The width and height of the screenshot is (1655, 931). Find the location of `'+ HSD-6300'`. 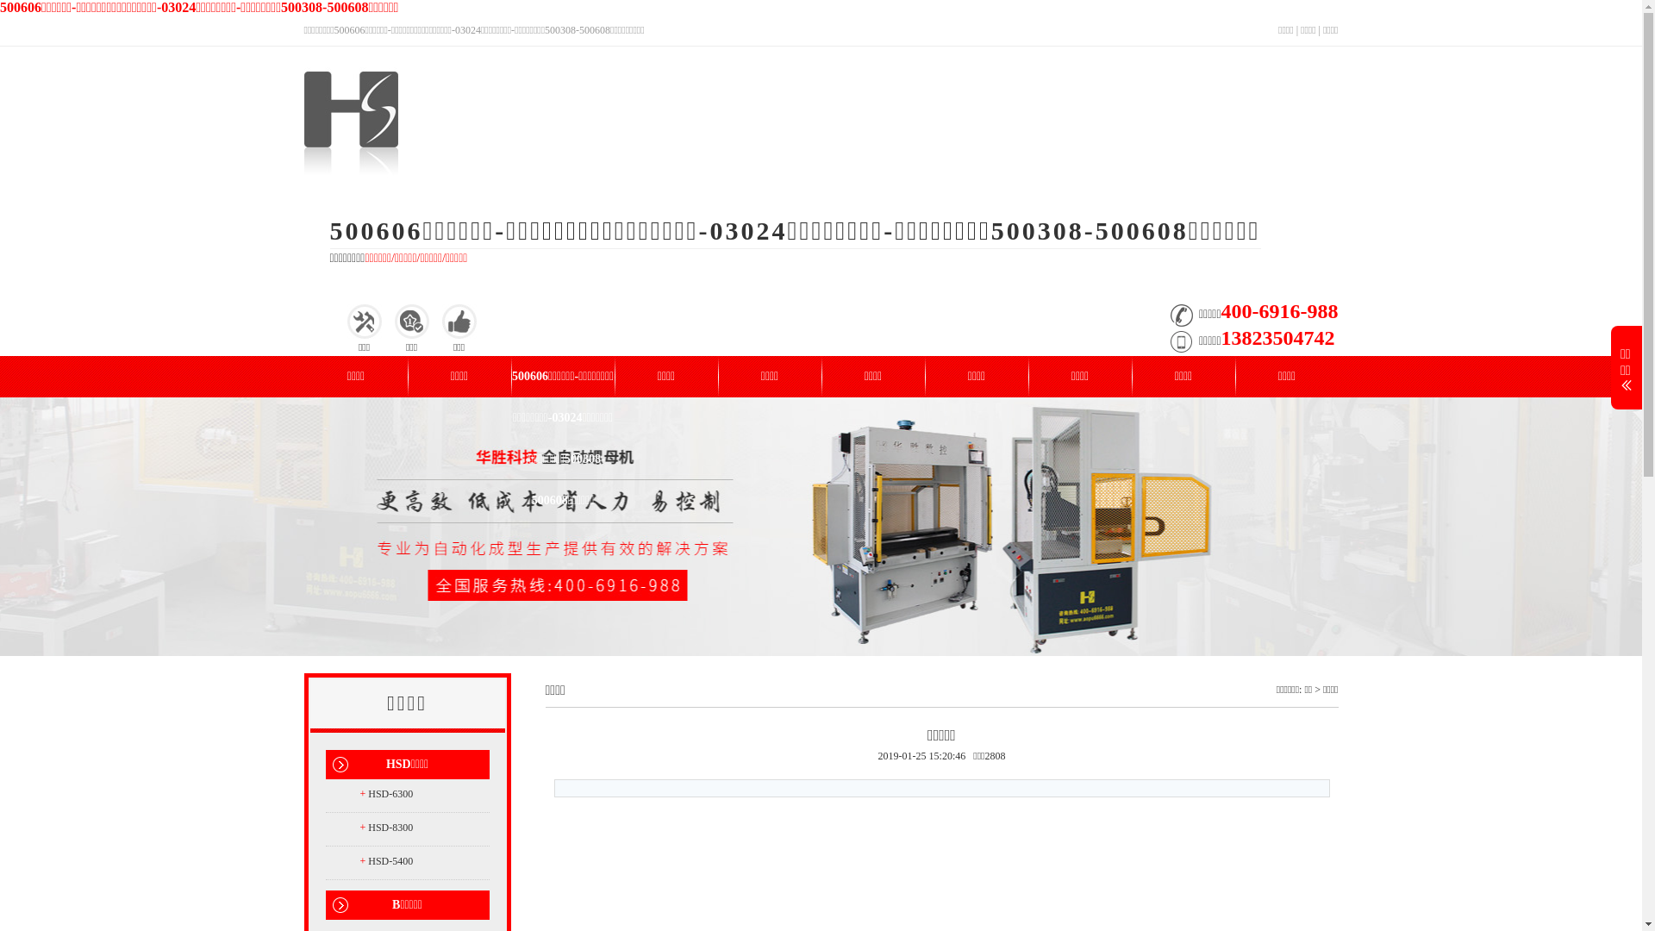

'+ HSD-6300' is located at coordinates (425, 794).